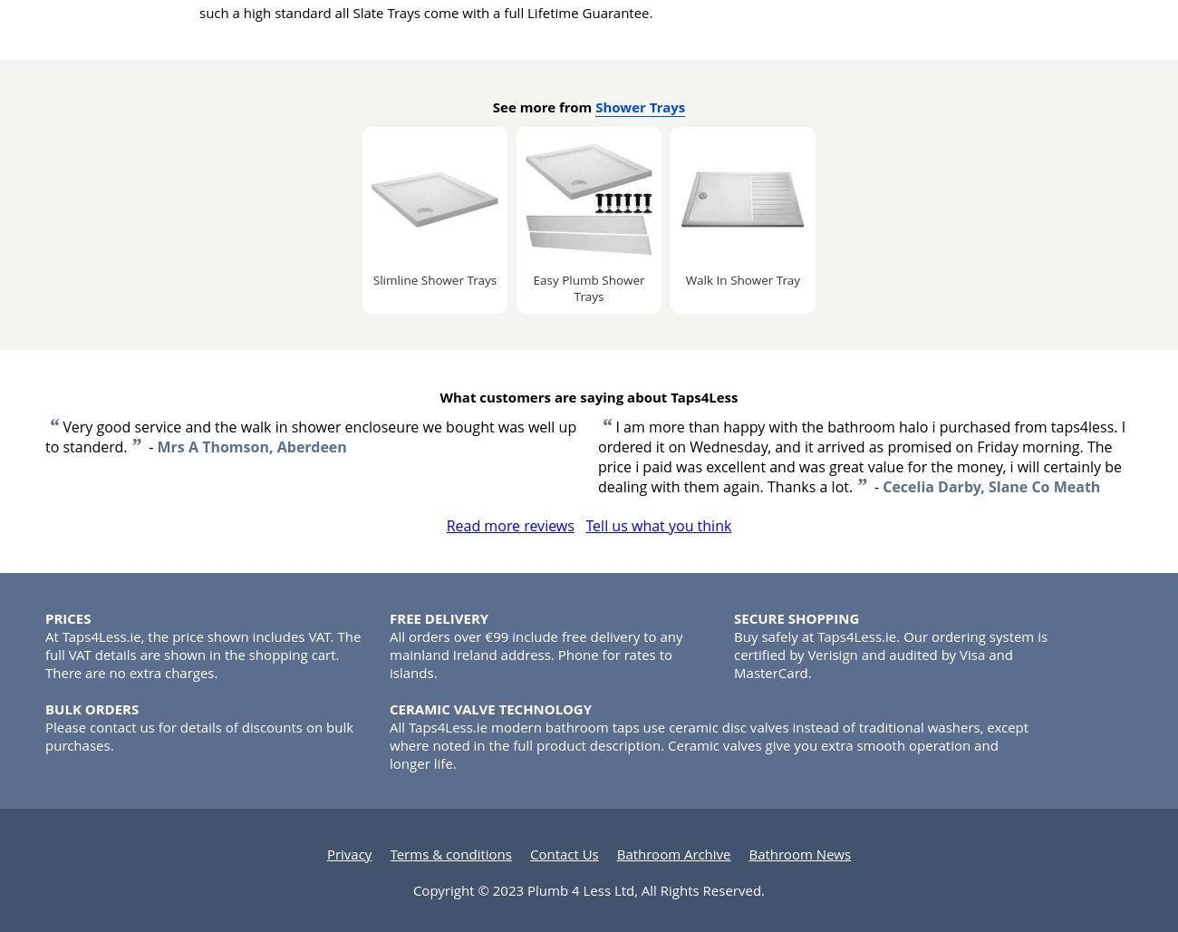 Image resolution: width=1178 pixels, height=932 pixels. What do you see at coordinates (890, 653) in the screenshot?
I see `'Buy safely at Taps4Less.ie. Our ordering system is certified by Verisign and  audited by Visa and MasterCard.'` at bounding box center [890, 653].